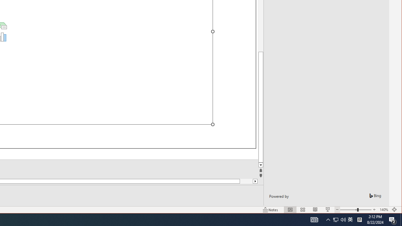  Describe the element at coordinates (359, 219) in the screenshot. I see `'Tray Input Indicator - Chinese (Simplified, China)'` at that location.